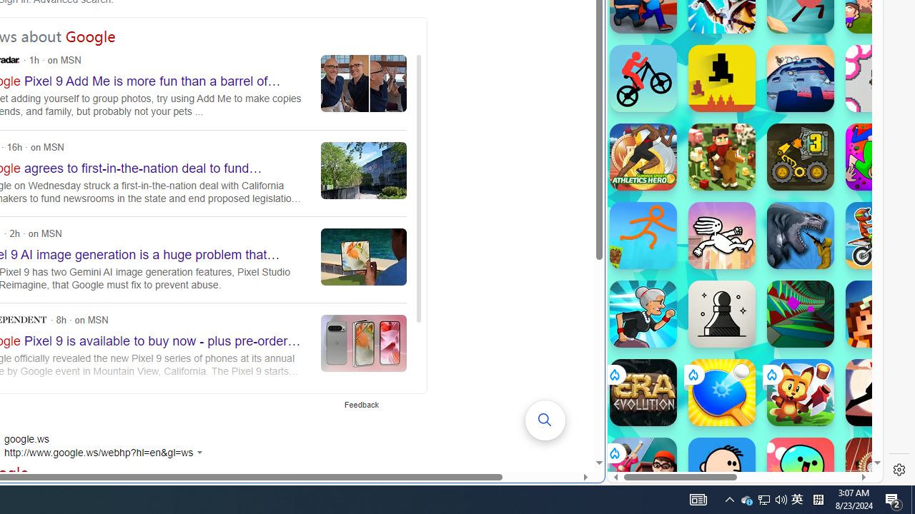 Image resolution: width=915 pixels, height=514 pixels. I want to click on 'Poor Eddie Poor Eddie', so click(721, 470).